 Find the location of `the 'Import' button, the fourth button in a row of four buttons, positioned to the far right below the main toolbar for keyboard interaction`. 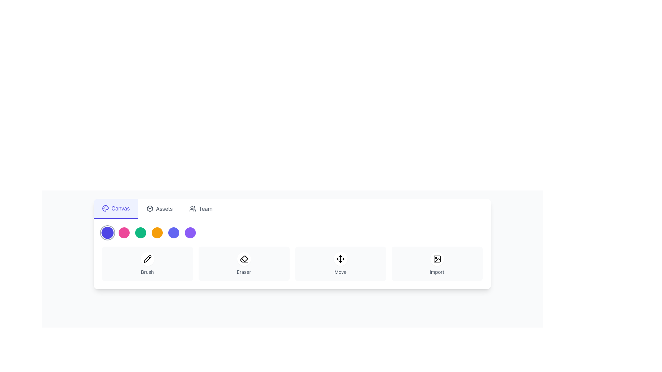

the 'Import' button, the fourth button in a row of four buttons, positioned to the far right below the main toolbar for keyboard interaction is located at coordinates (437, 263).